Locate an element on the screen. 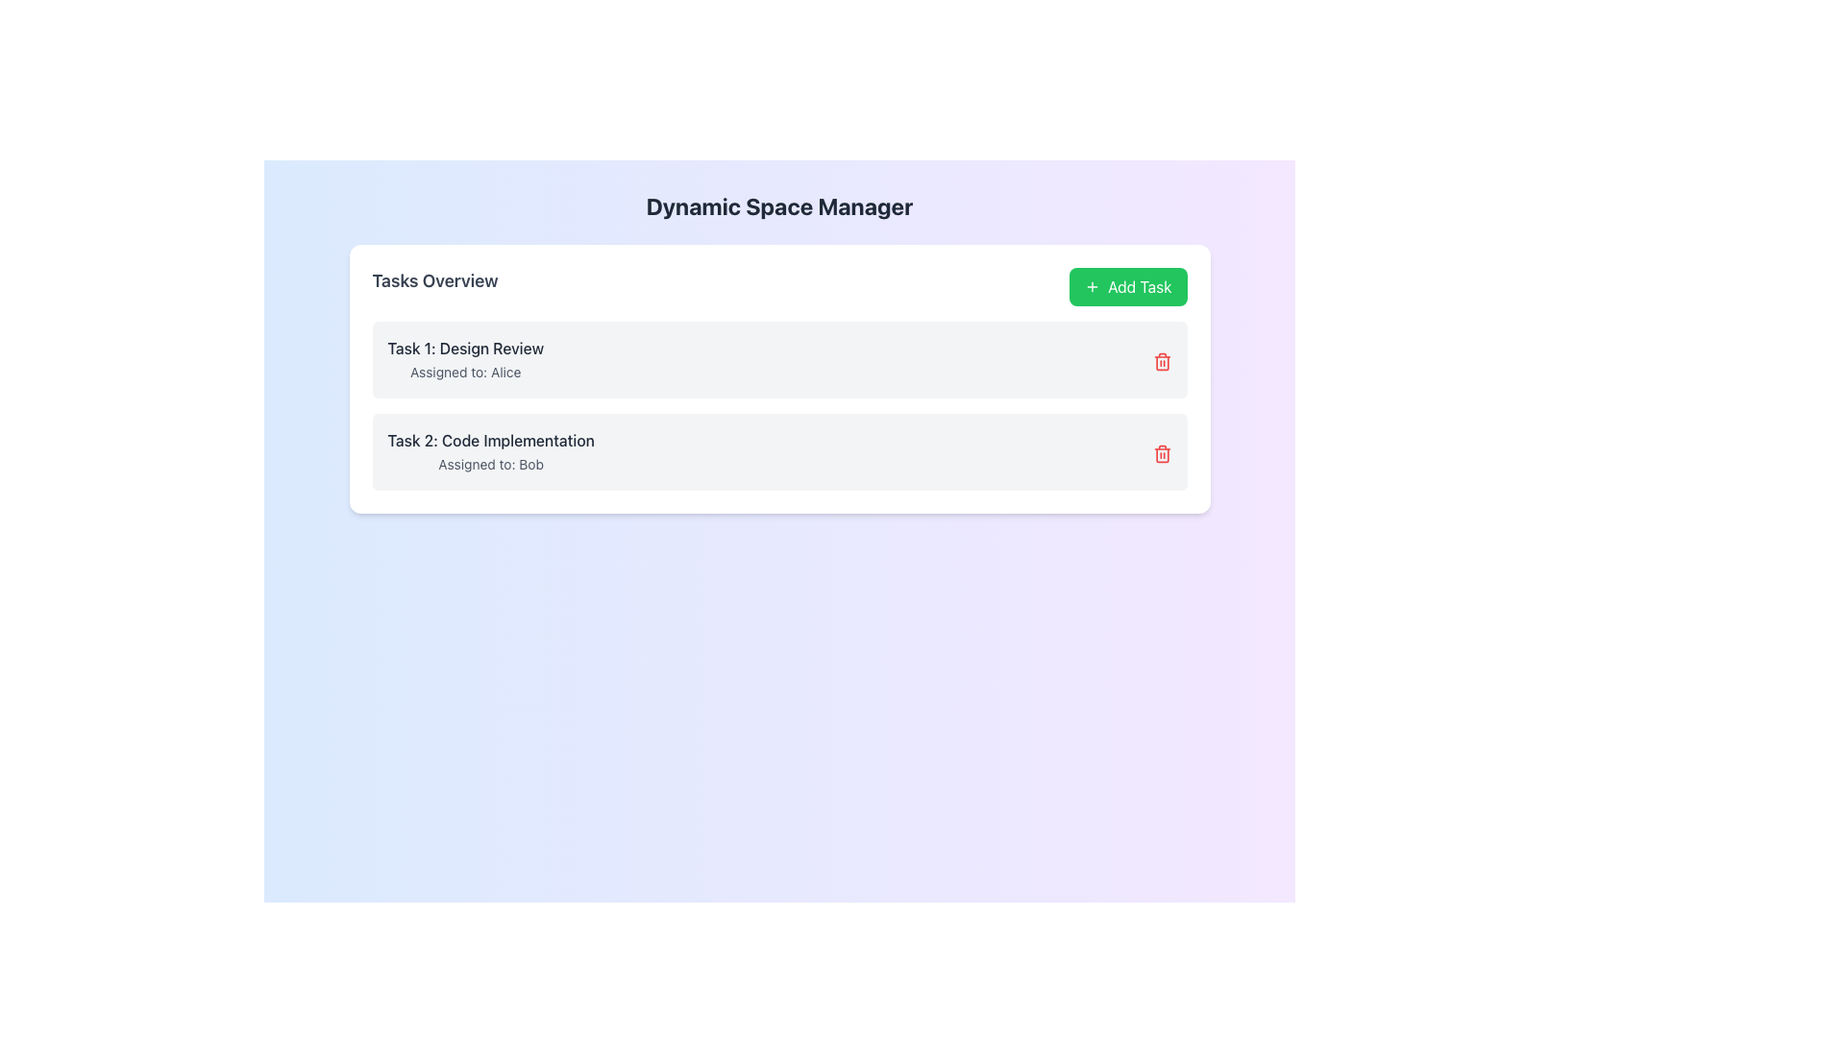  the text element displaying 'Alice' in the 'Task 1: Design Review' section of the 'Tasks Overview' list is located at coordinates (465, 372).